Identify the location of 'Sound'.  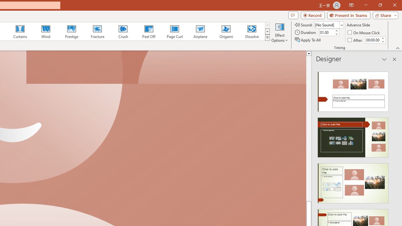
(329, 24).